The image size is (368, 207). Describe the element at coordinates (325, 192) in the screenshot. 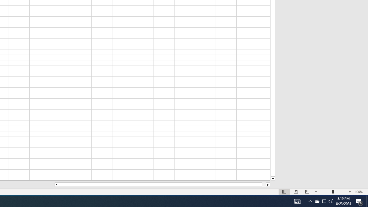

I see `'Zoom Out'` at that location.